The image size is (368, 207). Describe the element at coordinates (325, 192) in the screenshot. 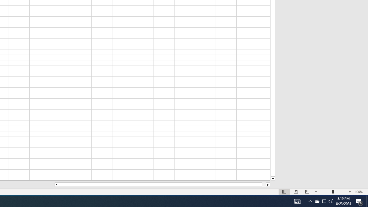

I see `'Zoom Out'` at that location.